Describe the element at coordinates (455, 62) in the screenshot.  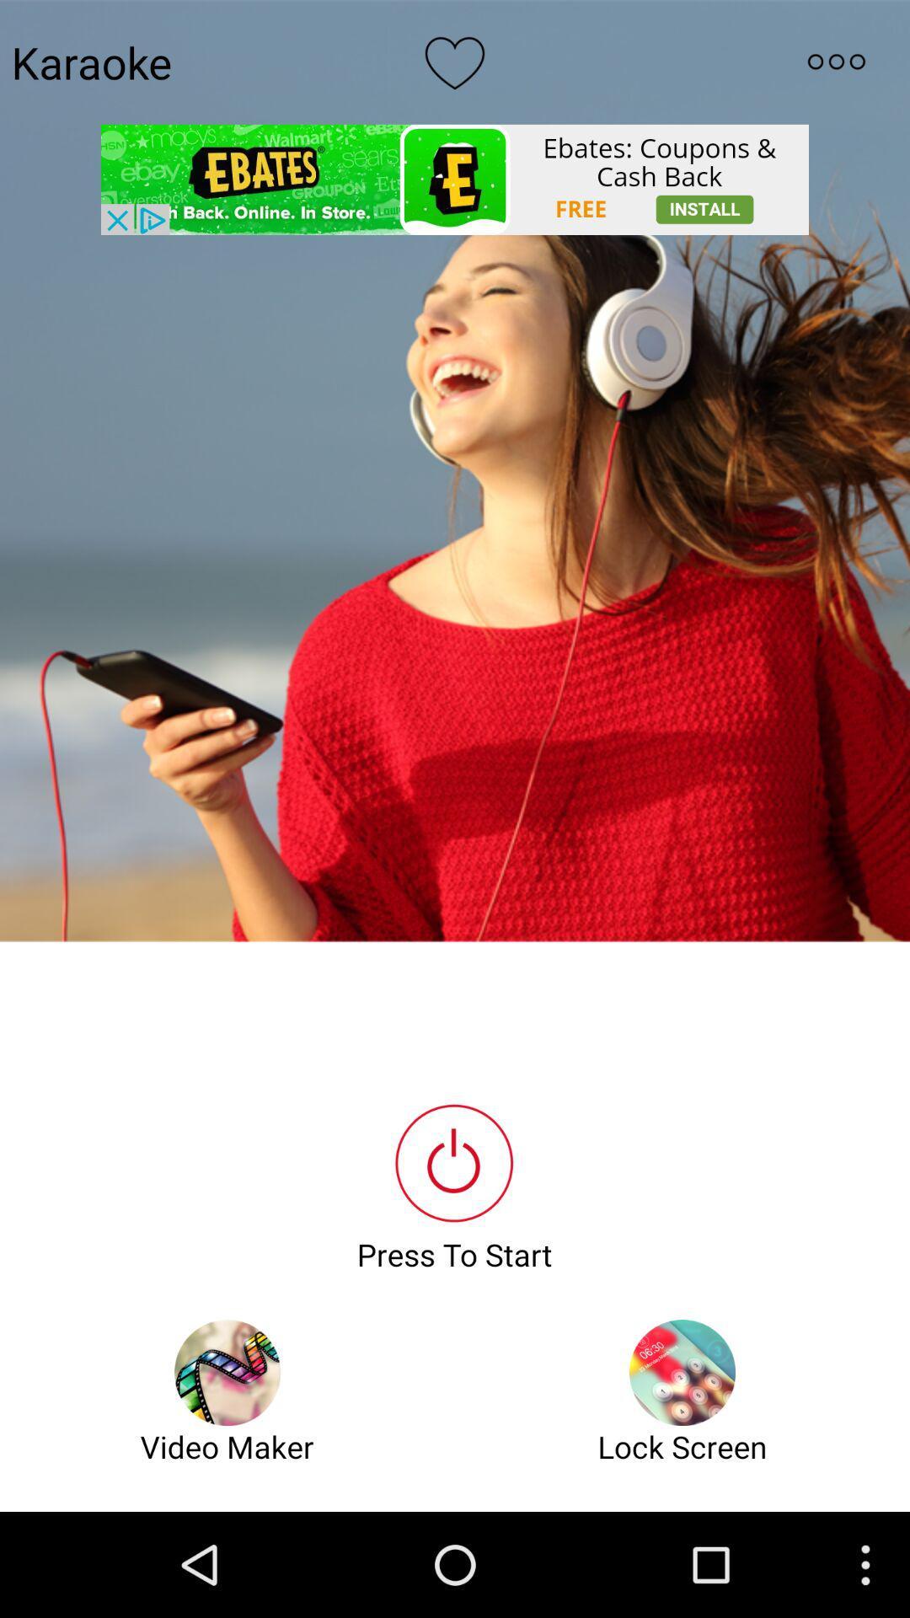
I see `like option` at that location.